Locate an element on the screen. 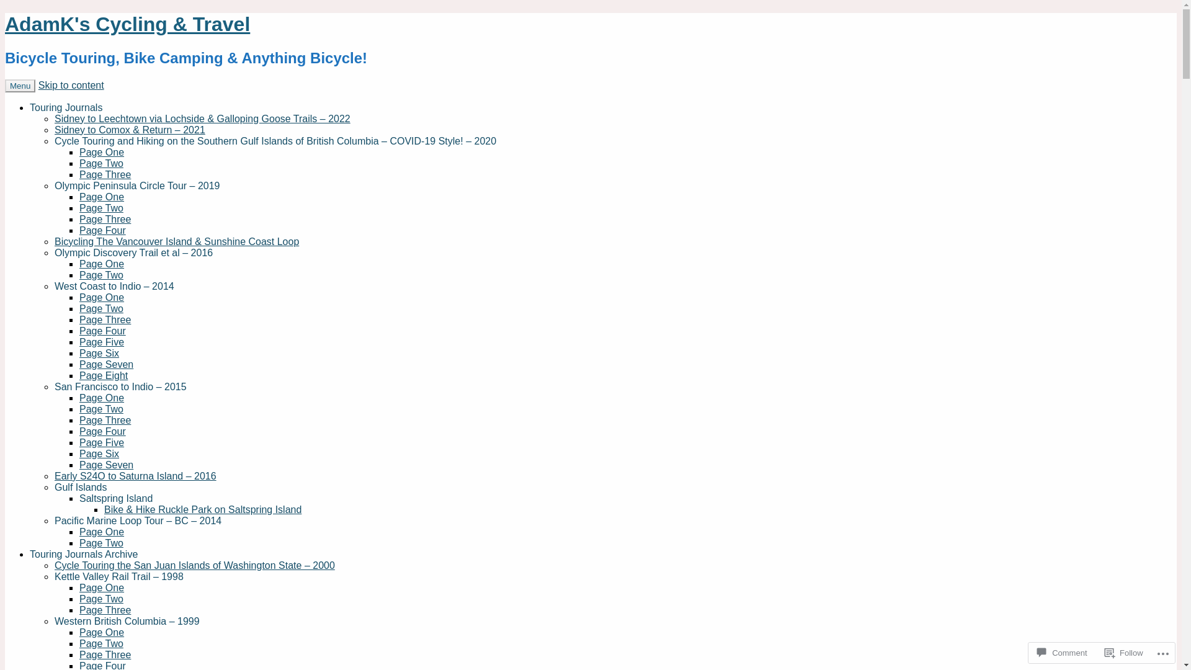 The width and height of the screenshot is (1191, 670). 'Follow' is located at coordinates (1124, 652).